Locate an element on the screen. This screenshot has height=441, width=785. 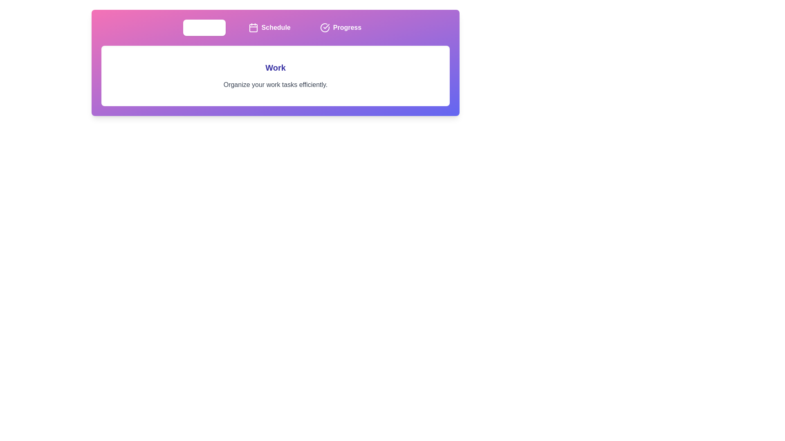
the tab button labeled Work is located at coordinates (204, 27).